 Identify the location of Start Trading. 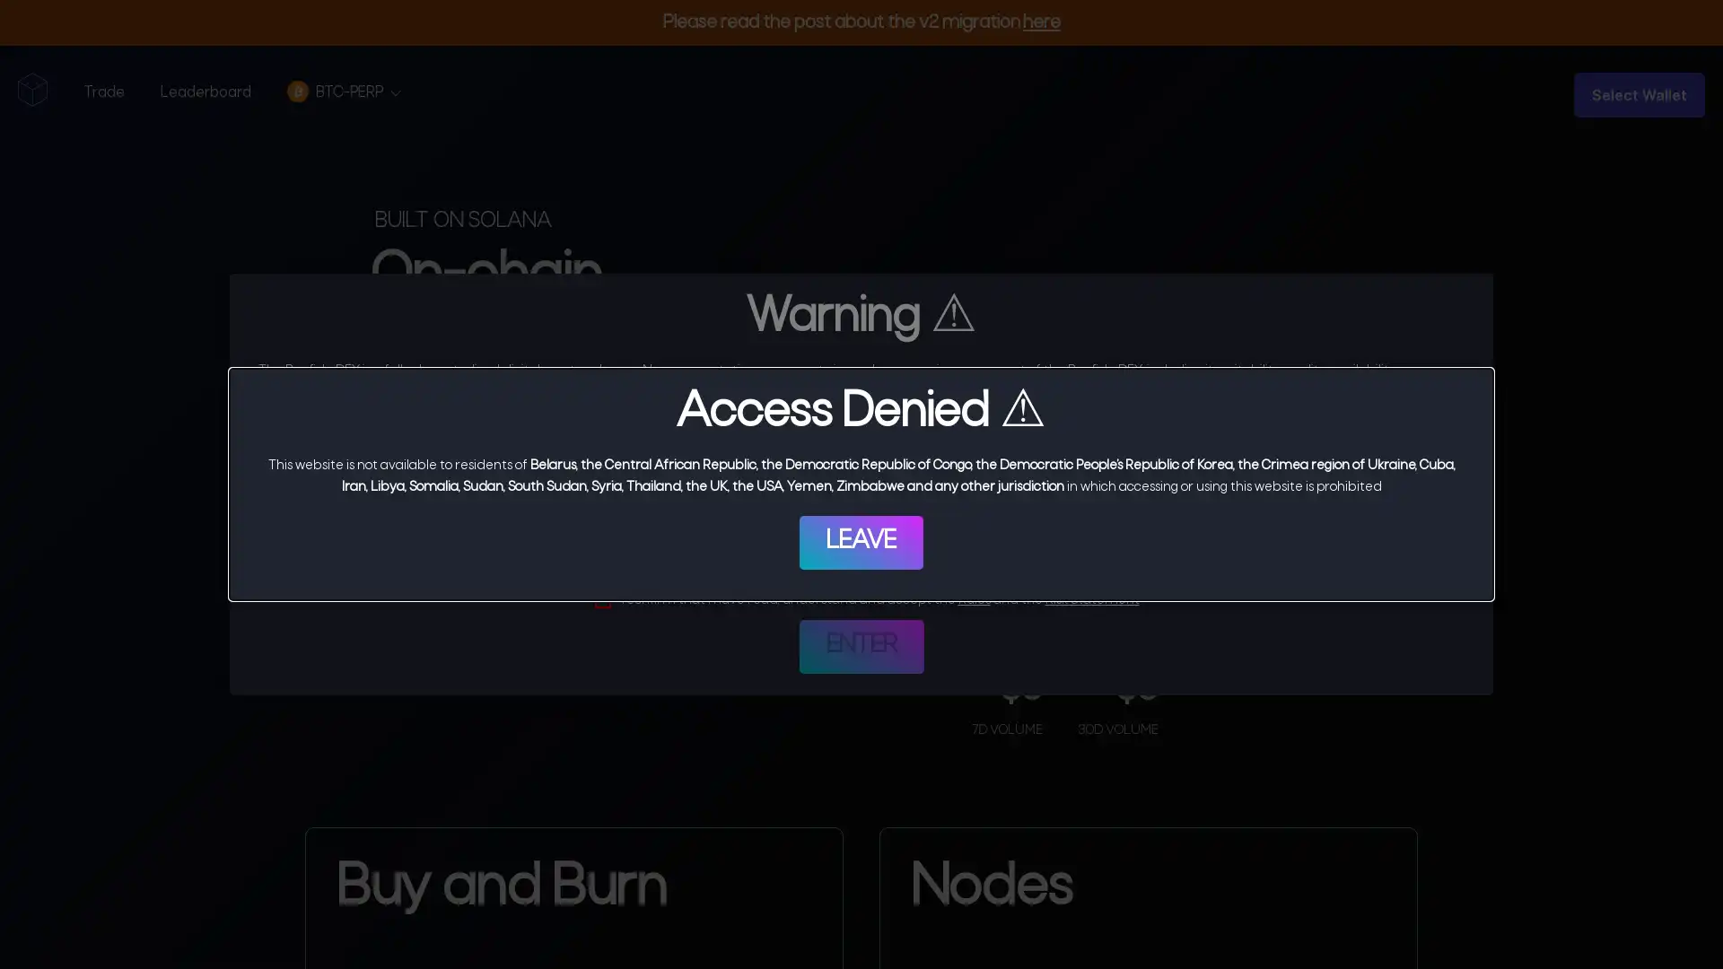
(505, 415).